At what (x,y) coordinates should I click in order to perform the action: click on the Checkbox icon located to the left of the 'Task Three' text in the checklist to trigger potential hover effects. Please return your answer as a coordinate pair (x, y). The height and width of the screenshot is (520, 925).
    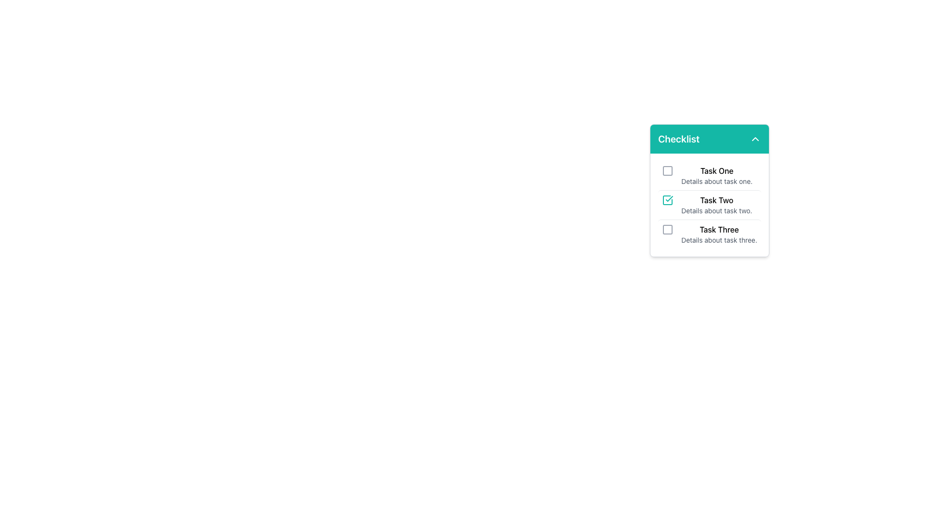
    Looking at the image, I should click on (667, 230).